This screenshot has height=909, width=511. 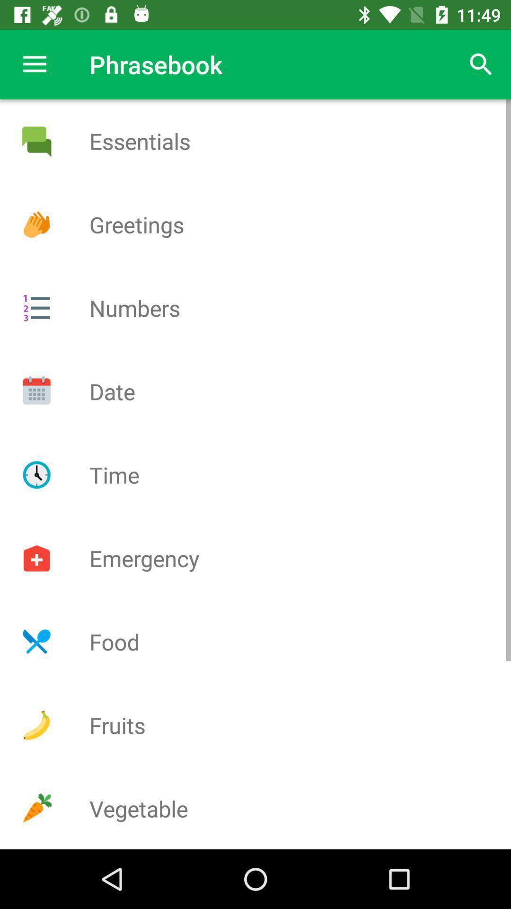 I want to click on message button, so click(x=36, y=141).